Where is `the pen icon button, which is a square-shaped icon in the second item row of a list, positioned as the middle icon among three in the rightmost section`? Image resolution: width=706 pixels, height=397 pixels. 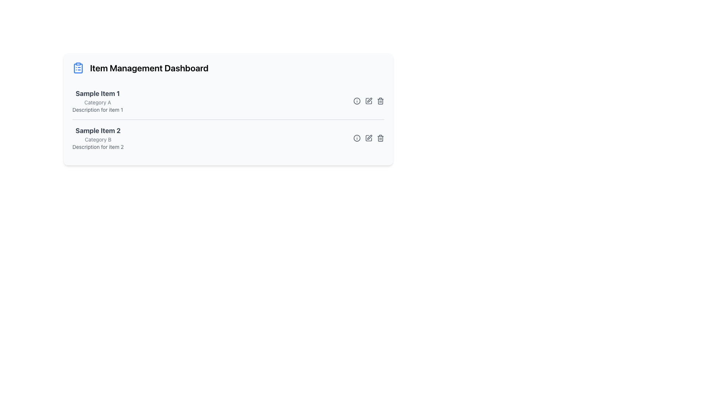 the pen icon button, which is a square-shaped icon in the second item row of a list, positioned as the middle icon among three in the rightmost section is located at coordinates (369, 138).